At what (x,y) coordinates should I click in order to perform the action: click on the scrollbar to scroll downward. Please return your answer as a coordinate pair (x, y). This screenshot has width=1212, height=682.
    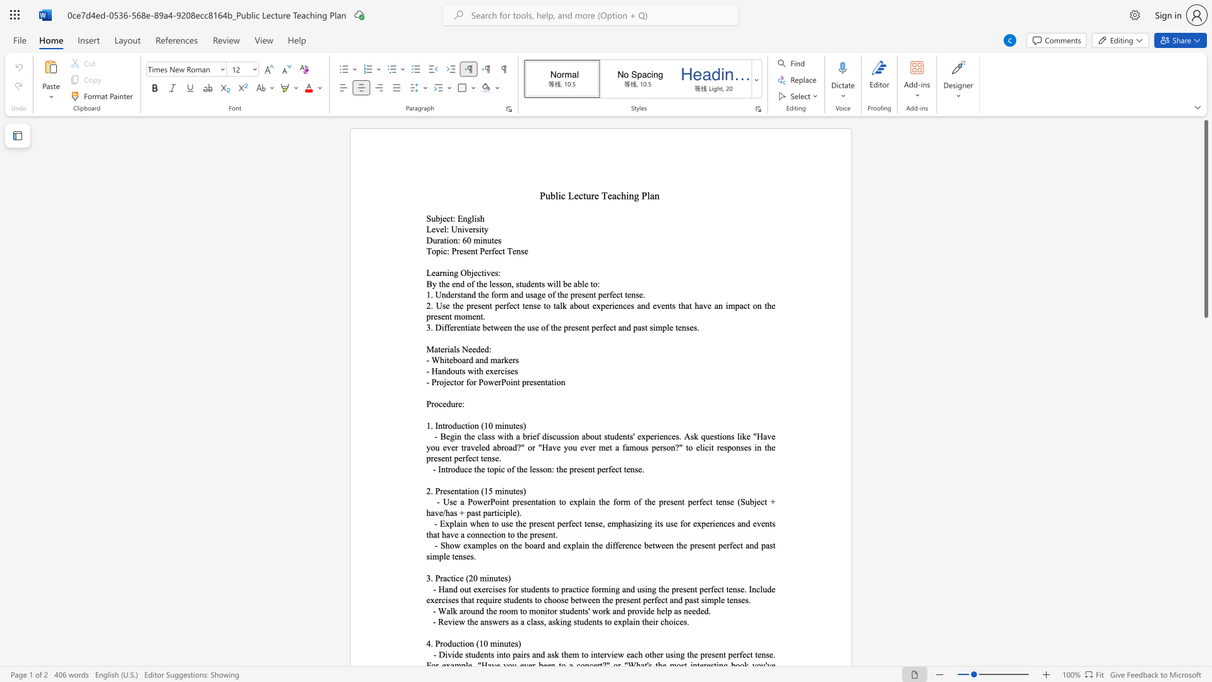
    Looking at the image, I should click on (1205, 441).